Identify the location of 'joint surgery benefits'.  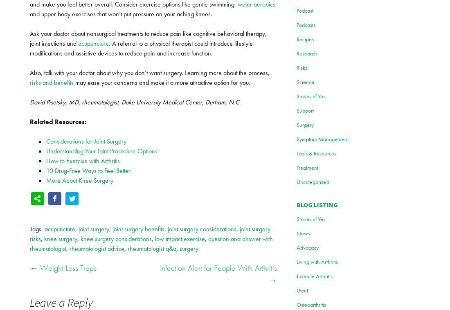
(138, 229).